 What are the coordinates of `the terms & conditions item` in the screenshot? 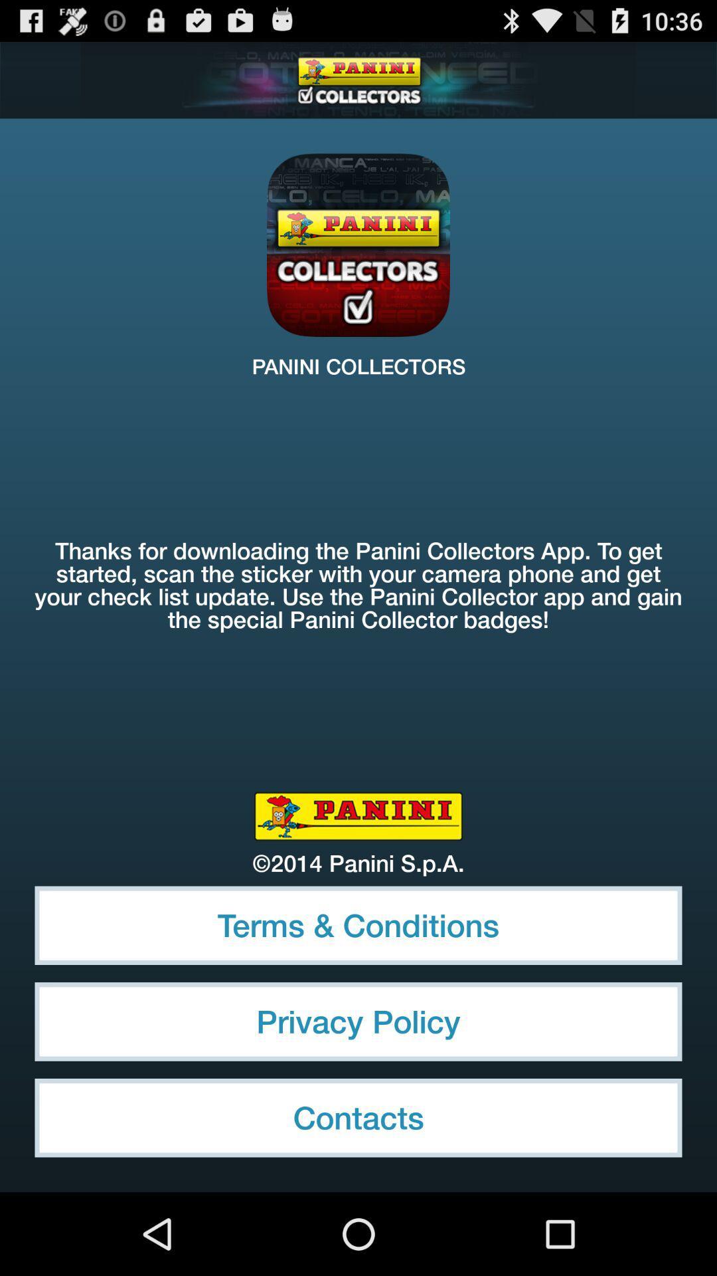 It's located at (358, 924).